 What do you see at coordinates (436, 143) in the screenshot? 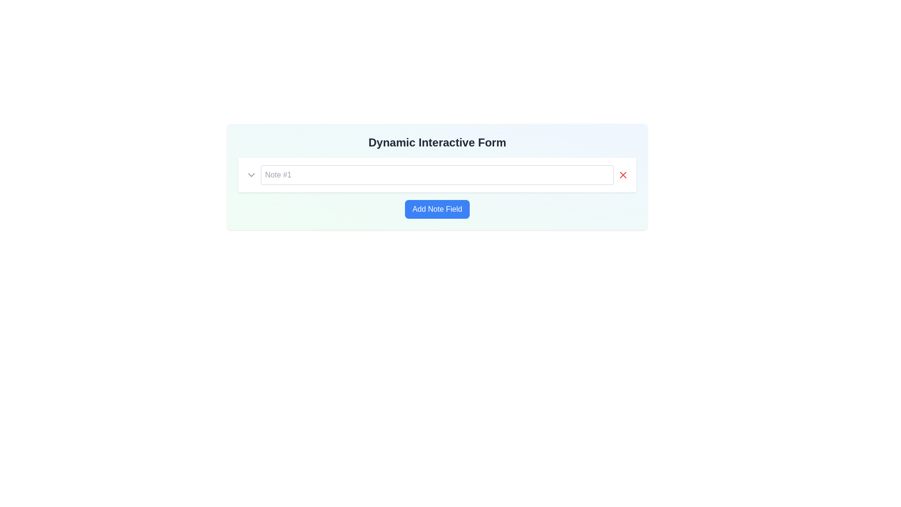
I see `the heading that displays 'Dynamic Interactive Form', which is styled with a large bold font in dark gray, centered above the input field and 'Add Note Field' button` at bounding box center [436, 143].